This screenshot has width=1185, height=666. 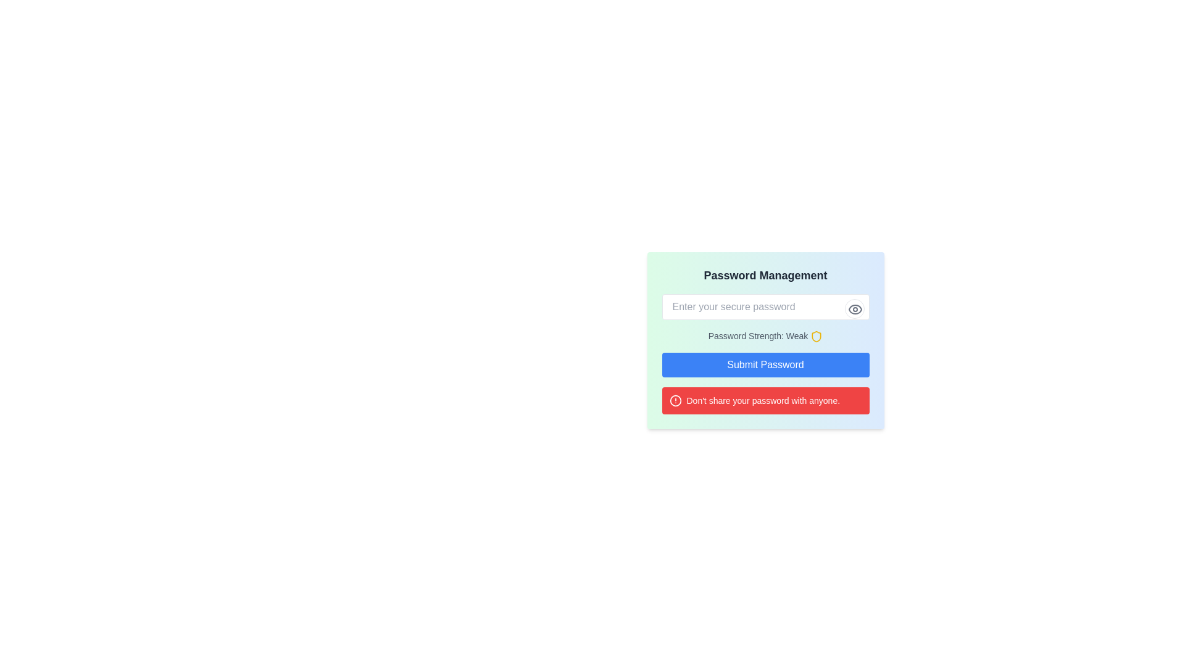 What do you see at coordinates (675, 401) in the screenshot?
I see `the alert icon located in the red warning notification bar at the bottom of the account security form, which reinforces the warning message about password security` at bounding box center [675, 401].